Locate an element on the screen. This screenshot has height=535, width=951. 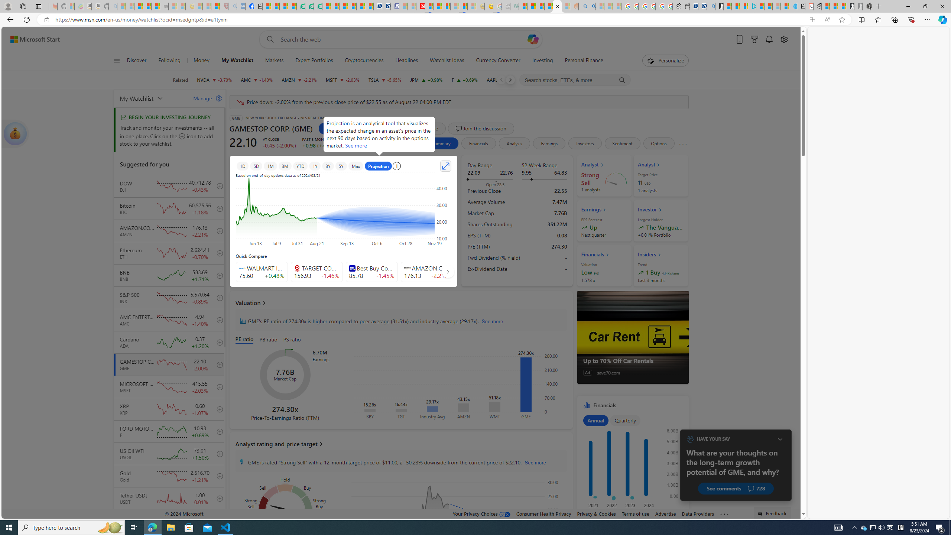
'Ad' is located at coordinates (587, 372).